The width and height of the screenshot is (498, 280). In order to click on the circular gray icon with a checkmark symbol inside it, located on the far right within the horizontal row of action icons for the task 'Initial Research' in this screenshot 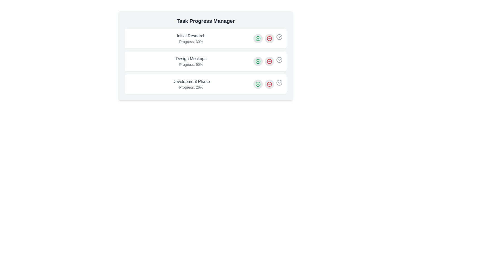, I will do `click(279, 37)`.